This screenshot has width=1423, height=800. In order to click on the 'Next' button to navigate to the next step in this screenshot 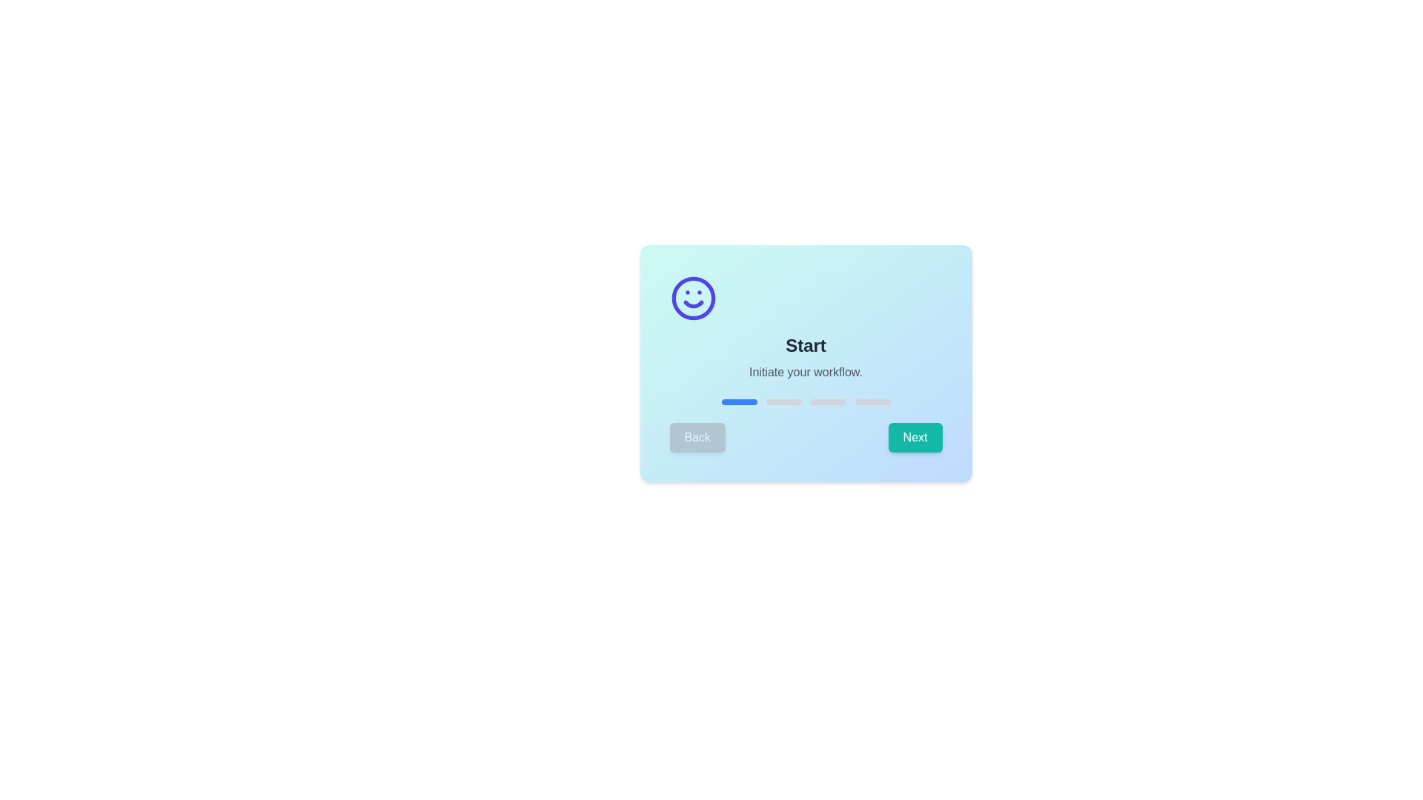, I will do `click(914, 436)`.